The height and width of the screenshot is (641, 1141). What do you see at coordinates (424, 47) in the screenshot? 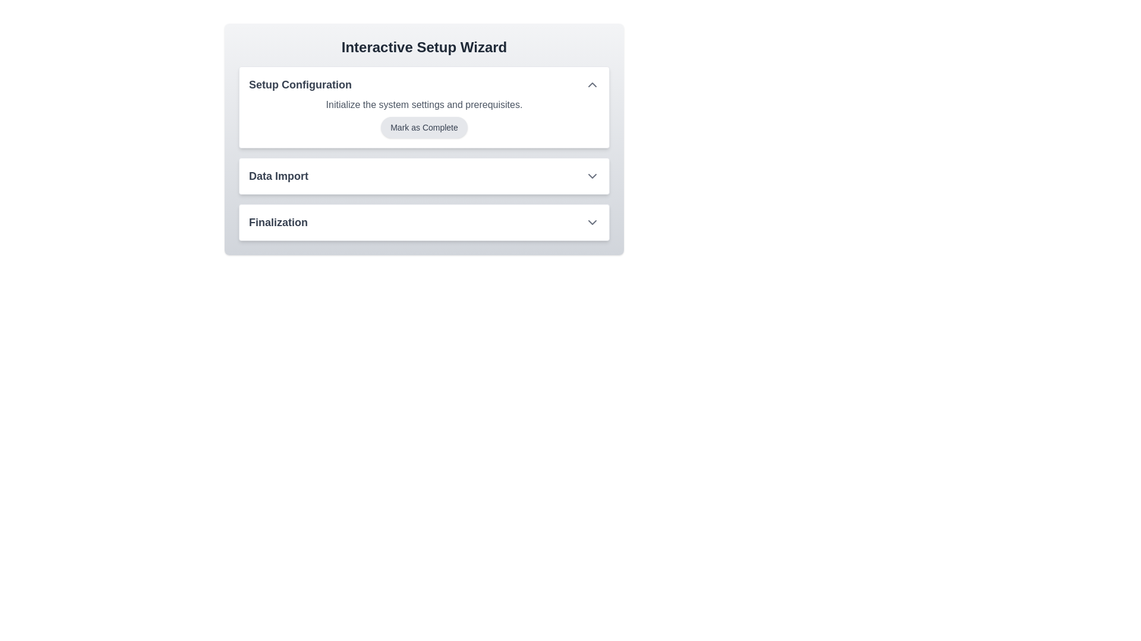
I see `the header text label indicating 'Interactive Setup Wizard', which is located at the top of the interface` at bounding box center [424, 47].